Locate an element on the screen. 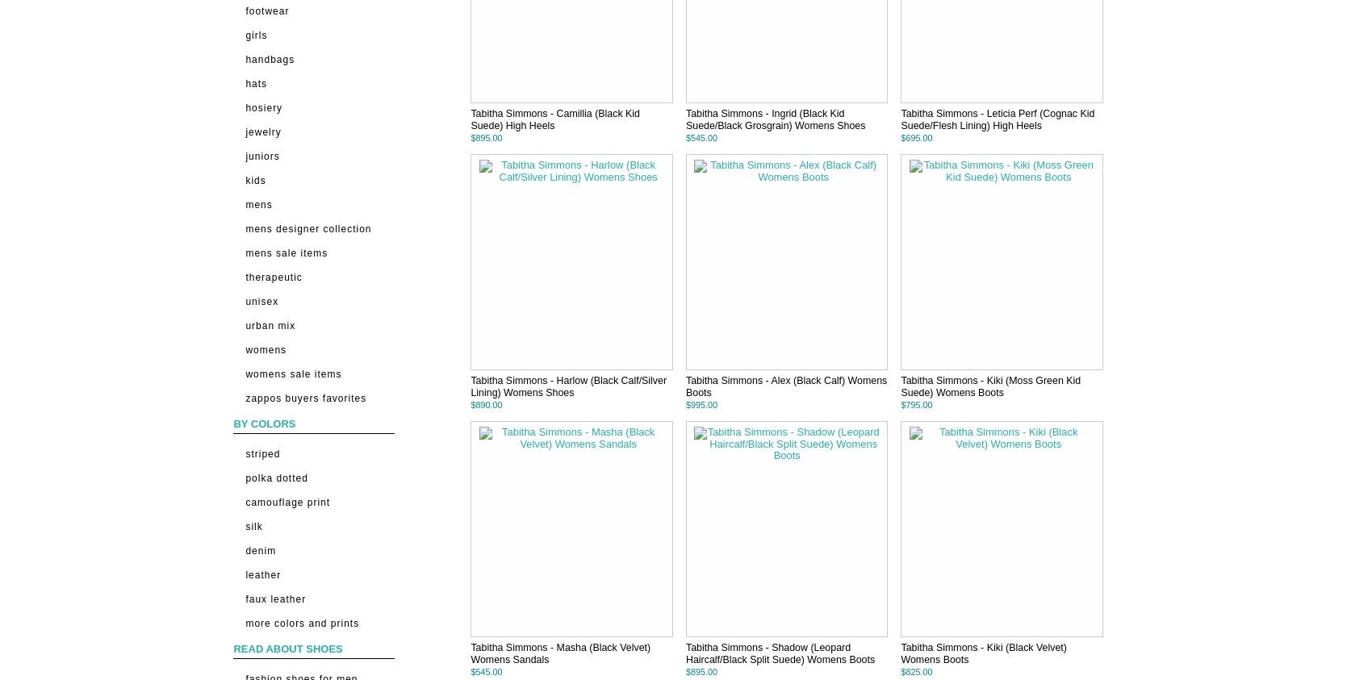 The height and width of the screenshot is (680, 1372). 'Faux Leather' is located at coordinates (274, 599).